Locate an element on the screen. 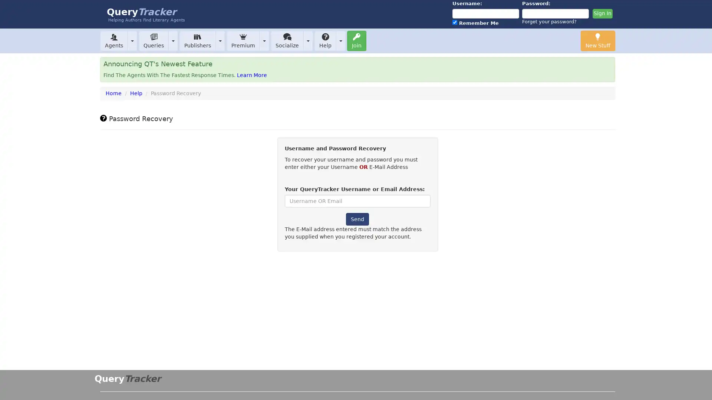 The width and height of the screenshot is (712, 400). Toggle Dropdown is located at coordinates (220, 40).